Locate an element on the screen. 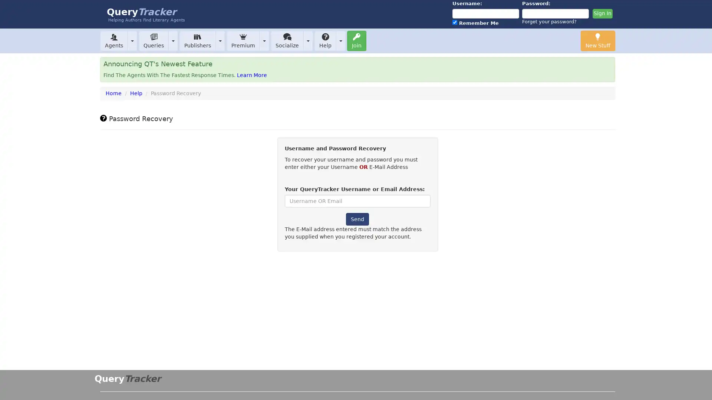 The width and height of the screenshot is (712, 400). Toggle Dropdown is located at coordinates (220, 40).